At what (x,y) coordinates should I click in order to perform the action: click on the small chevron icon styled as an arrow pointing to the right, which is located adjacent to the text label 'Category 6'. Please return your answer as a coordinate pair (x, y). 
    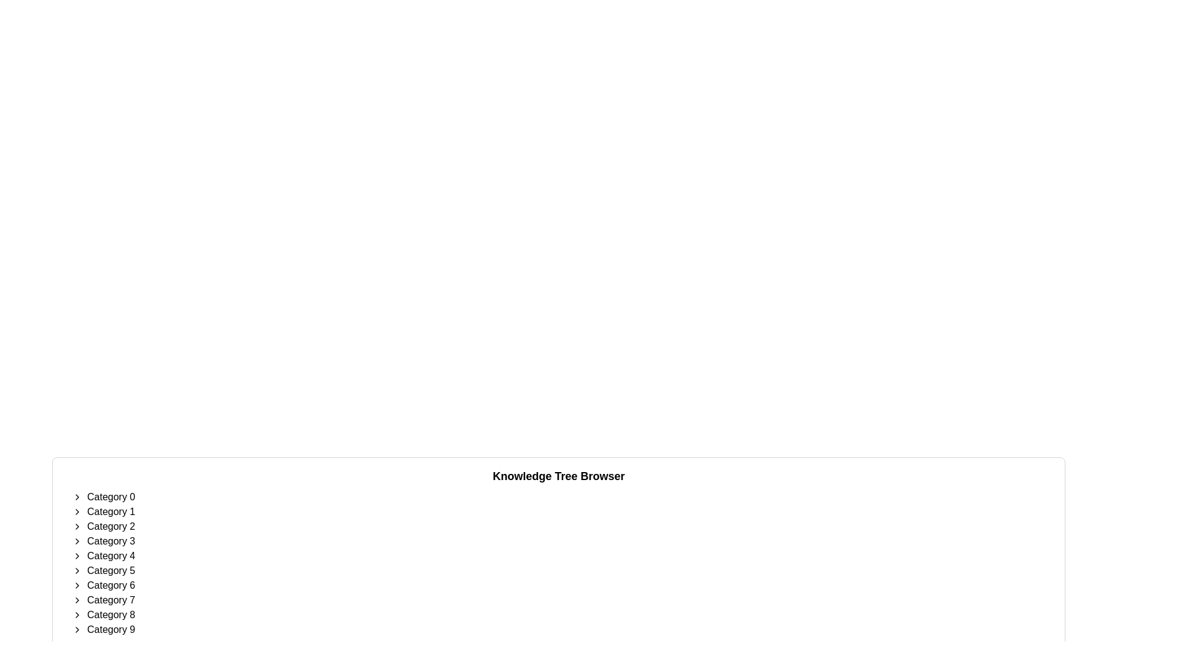
    Looking at the image, I should click on (76, 584).